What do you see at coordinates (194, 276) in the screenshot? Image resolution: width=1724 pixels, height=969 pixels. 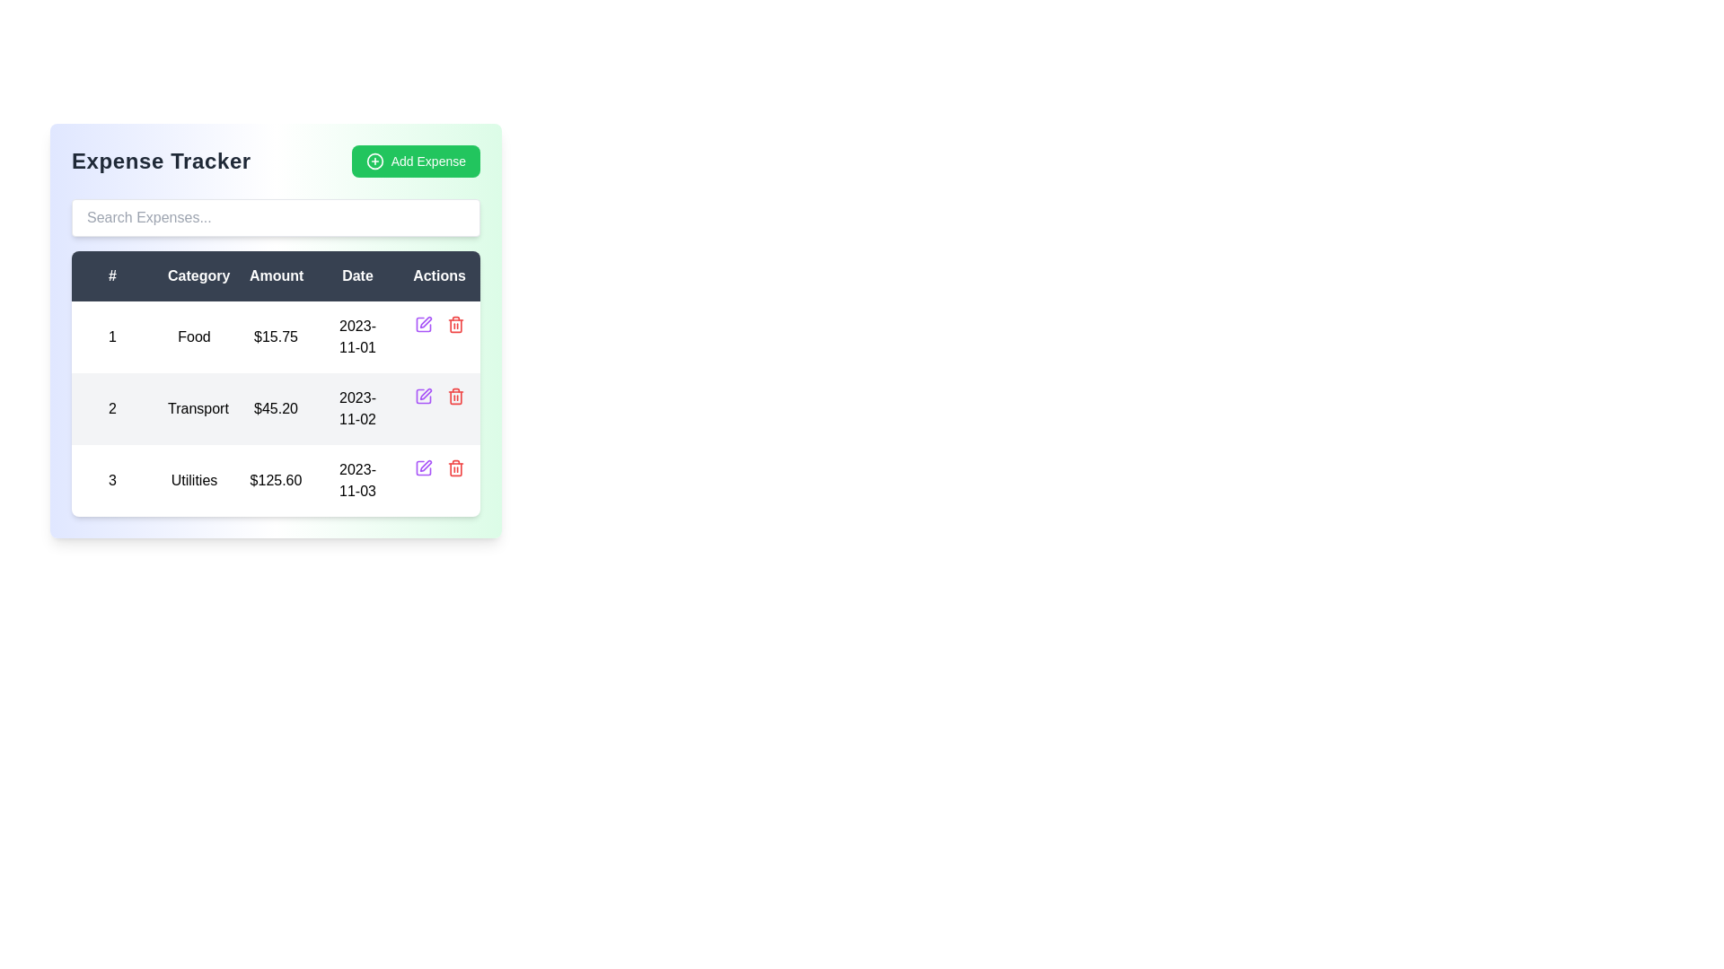 I see `text of the Table Header Cell displaying 'Category', which is bold and centered in a table structure below the 'Expense Tracker' label` at bounding box center [194, 276].